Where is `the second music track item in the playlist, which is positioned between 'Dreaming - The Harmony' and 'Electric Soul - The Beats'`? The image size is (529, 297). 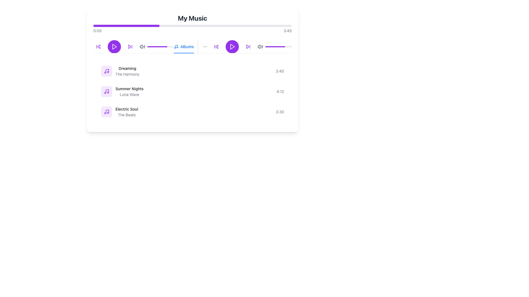 the second music track item in the playlist, which is positioned between 'Dreaming - The Harmony' and 'Electric Soul - The Beats' is located at coordinates (193, 91).